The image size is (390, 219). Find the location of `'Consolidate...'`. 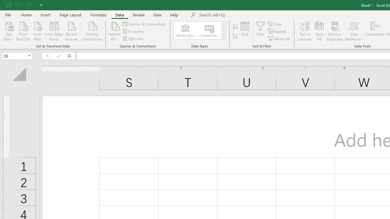

'Consolidate...' is located at coordinates (374, 31).